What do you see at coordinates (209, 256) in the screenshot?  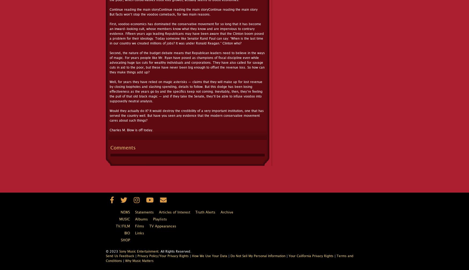 I see `'How We Use Your Data'` at bounding box center [209, 256].